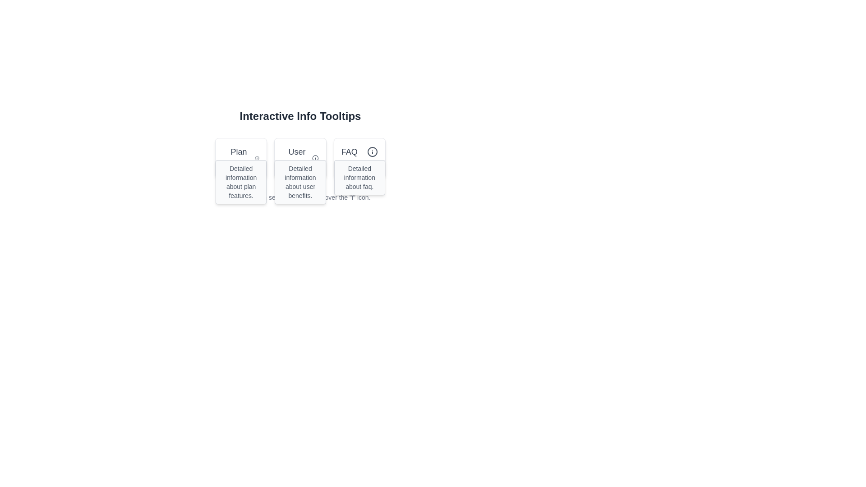  I want to click on the circular icon with an 'i' symbol, located to the right of the heading 'Plan Features', for additional information, so click(257, 158).